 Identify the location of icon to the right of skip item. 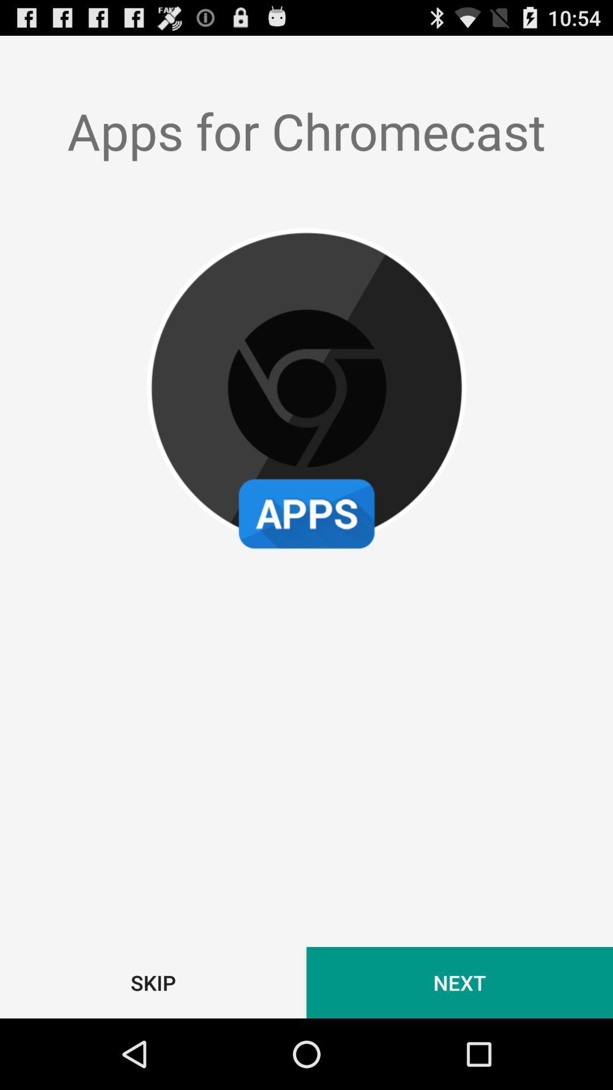
(460, 982).